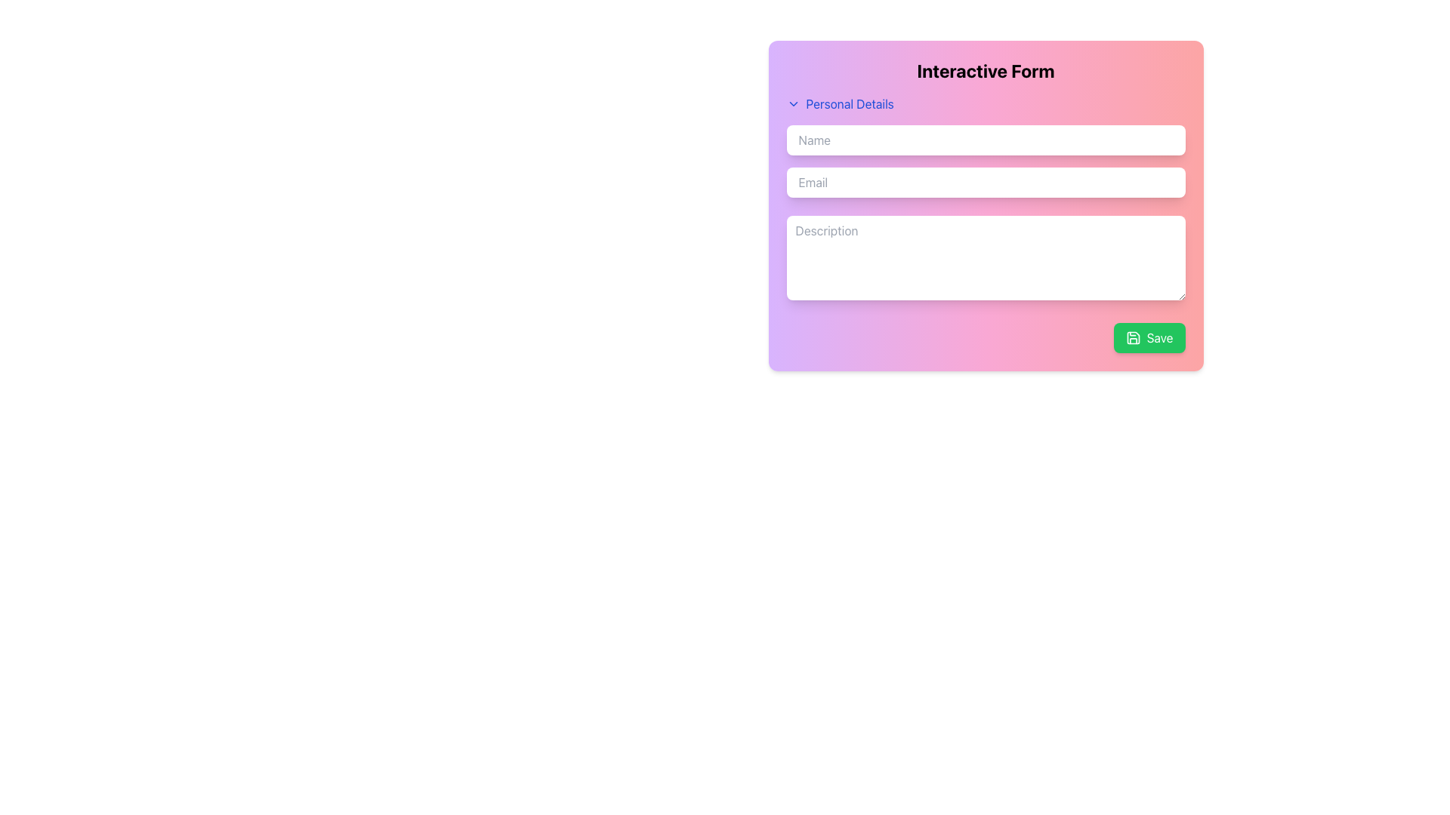 This screenshot has width=1450, height=815. I want to click on the text input field for 'Name' under the 'Personal Details' section by tabbing to it, so click(986, 146).